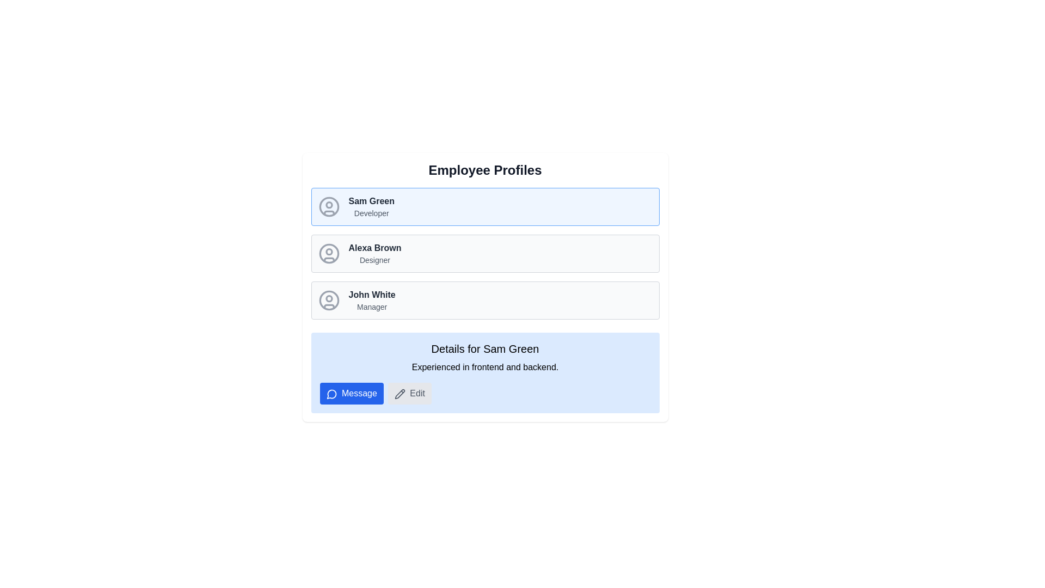 The width and height of the screenshot is (1045, 588). I want to click on the pencil icon within the 'Edit' button located at the bottom-right of the section containing details about 'Sam Green', so click(399, 394).